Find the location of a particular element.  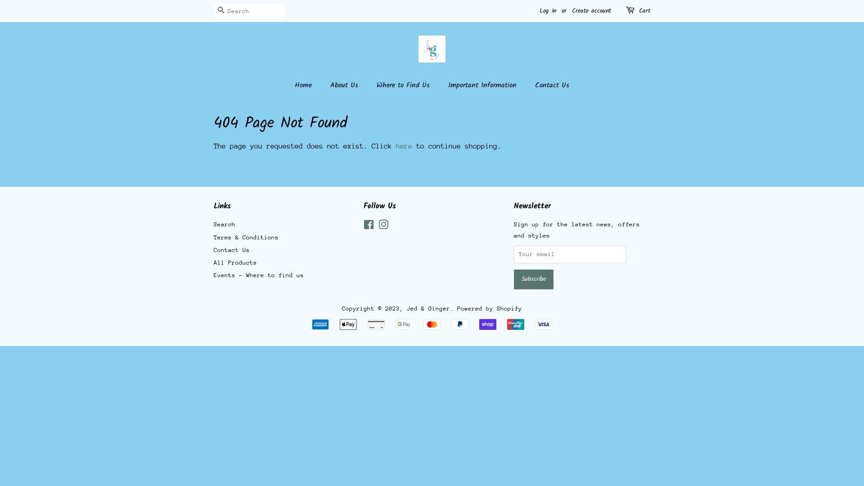

'Create account' is located at coordinates (591, 10).